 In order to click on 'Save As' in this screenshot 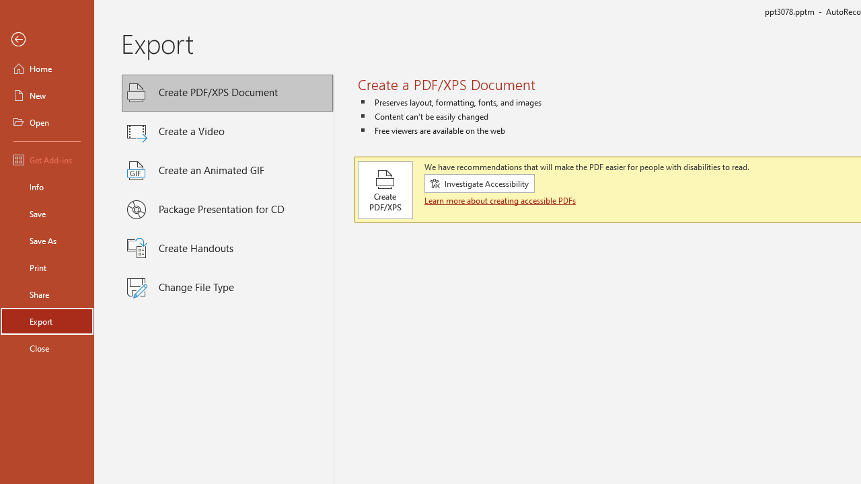, I will do `click(46, 239)`.